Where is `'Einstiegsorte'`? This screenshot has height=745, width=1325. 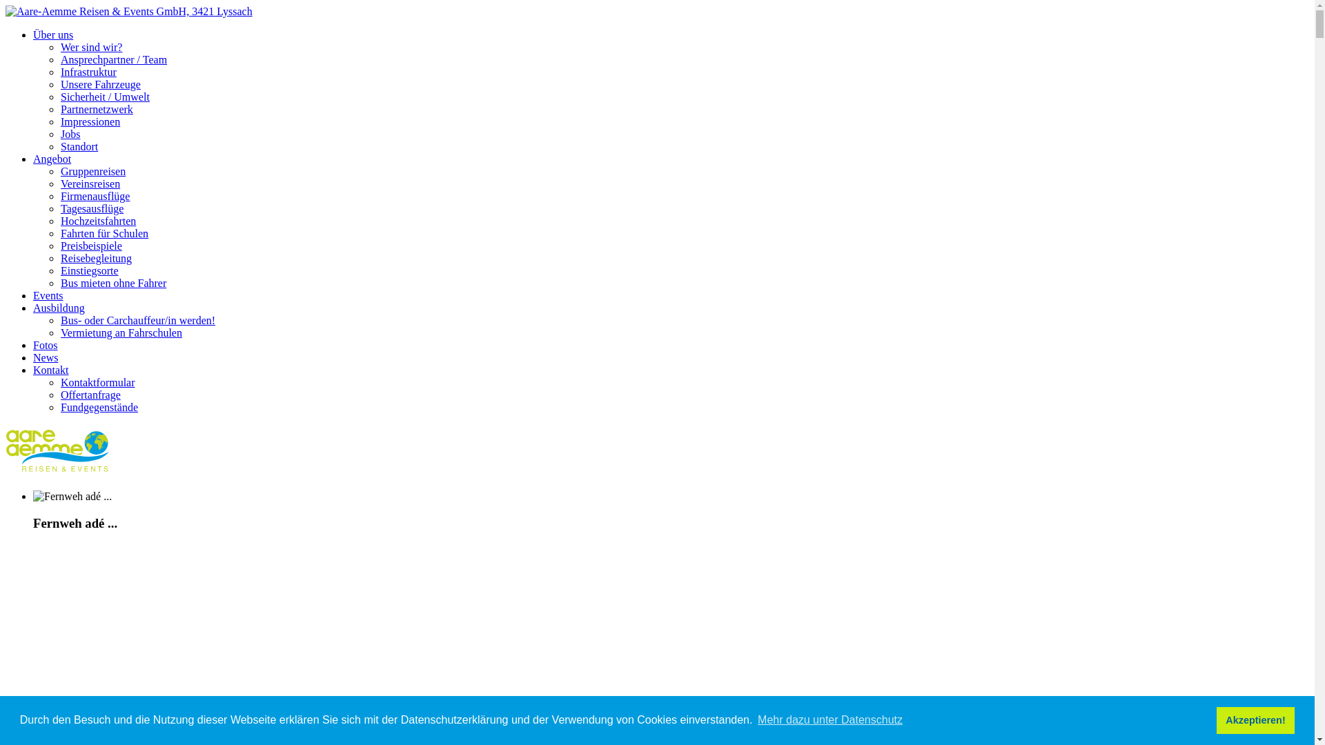 'Einstiegsorte' is located at coordinates (88, 270).